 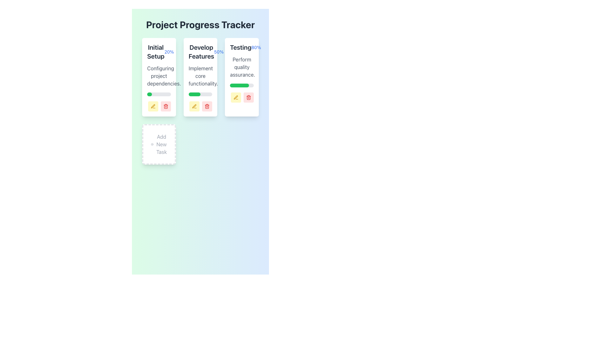 I want to click on the horizontal progress bar with a gray background and green segment indicating 20% progress, located above the action buttons in the 'Initial Setup' card, so click(x=159, y=94).